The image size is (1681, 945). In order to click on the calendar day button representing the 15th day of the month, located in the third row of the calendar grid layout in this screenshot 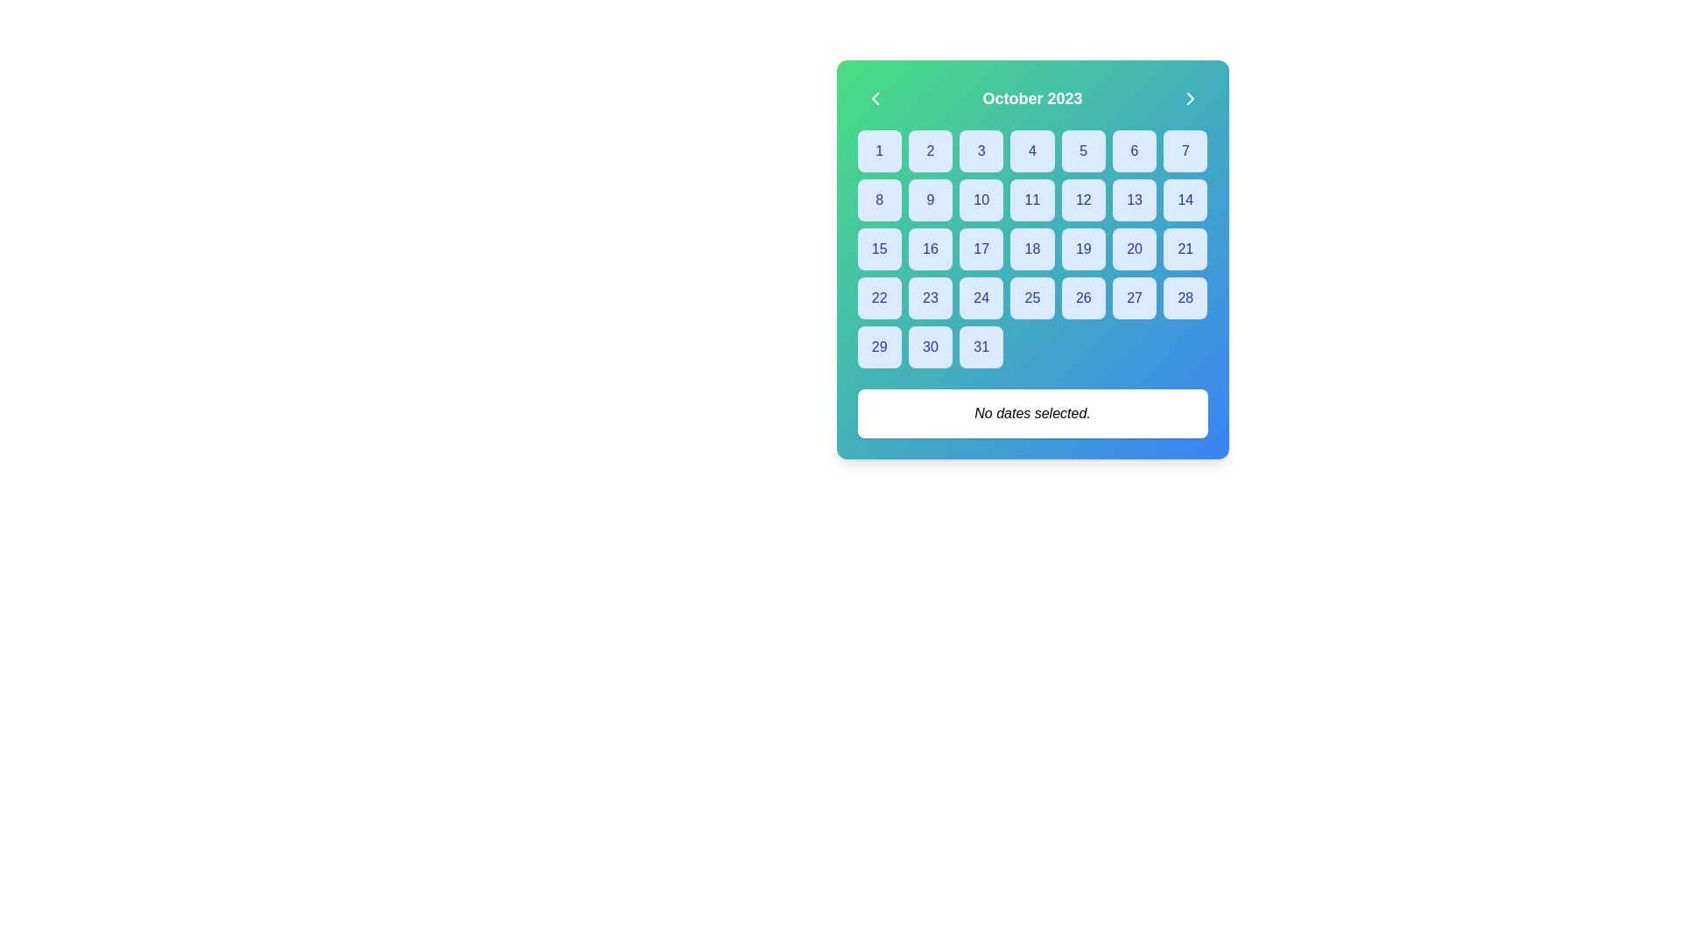, I will do `click(879, 249)`.